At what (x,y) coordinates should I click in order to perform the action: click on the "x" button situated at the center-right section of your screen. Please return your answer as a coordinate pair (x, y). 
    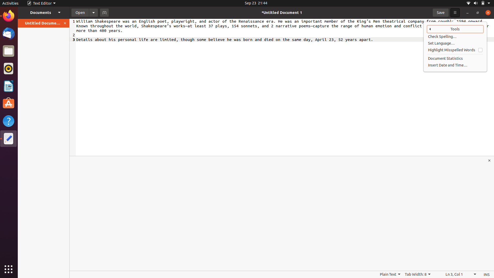
    Looking at the image, I should click on (490, 160).